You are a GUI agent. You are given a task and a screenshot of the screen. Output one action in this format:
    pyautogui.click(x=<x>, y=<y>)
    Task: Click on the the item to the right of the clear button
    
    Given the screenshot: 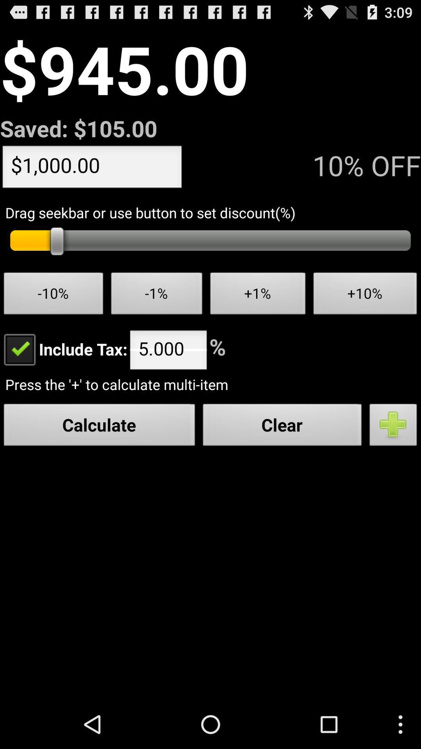 What is the action you would take?
    pyautogui.click(x=393, y=426)
    